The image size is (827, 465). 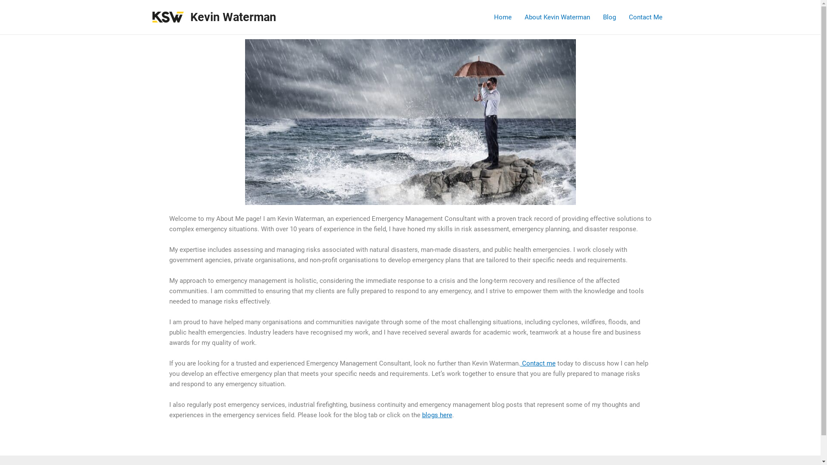 I want to click on 'Kevin Waterman', so click(x=233, y=17).